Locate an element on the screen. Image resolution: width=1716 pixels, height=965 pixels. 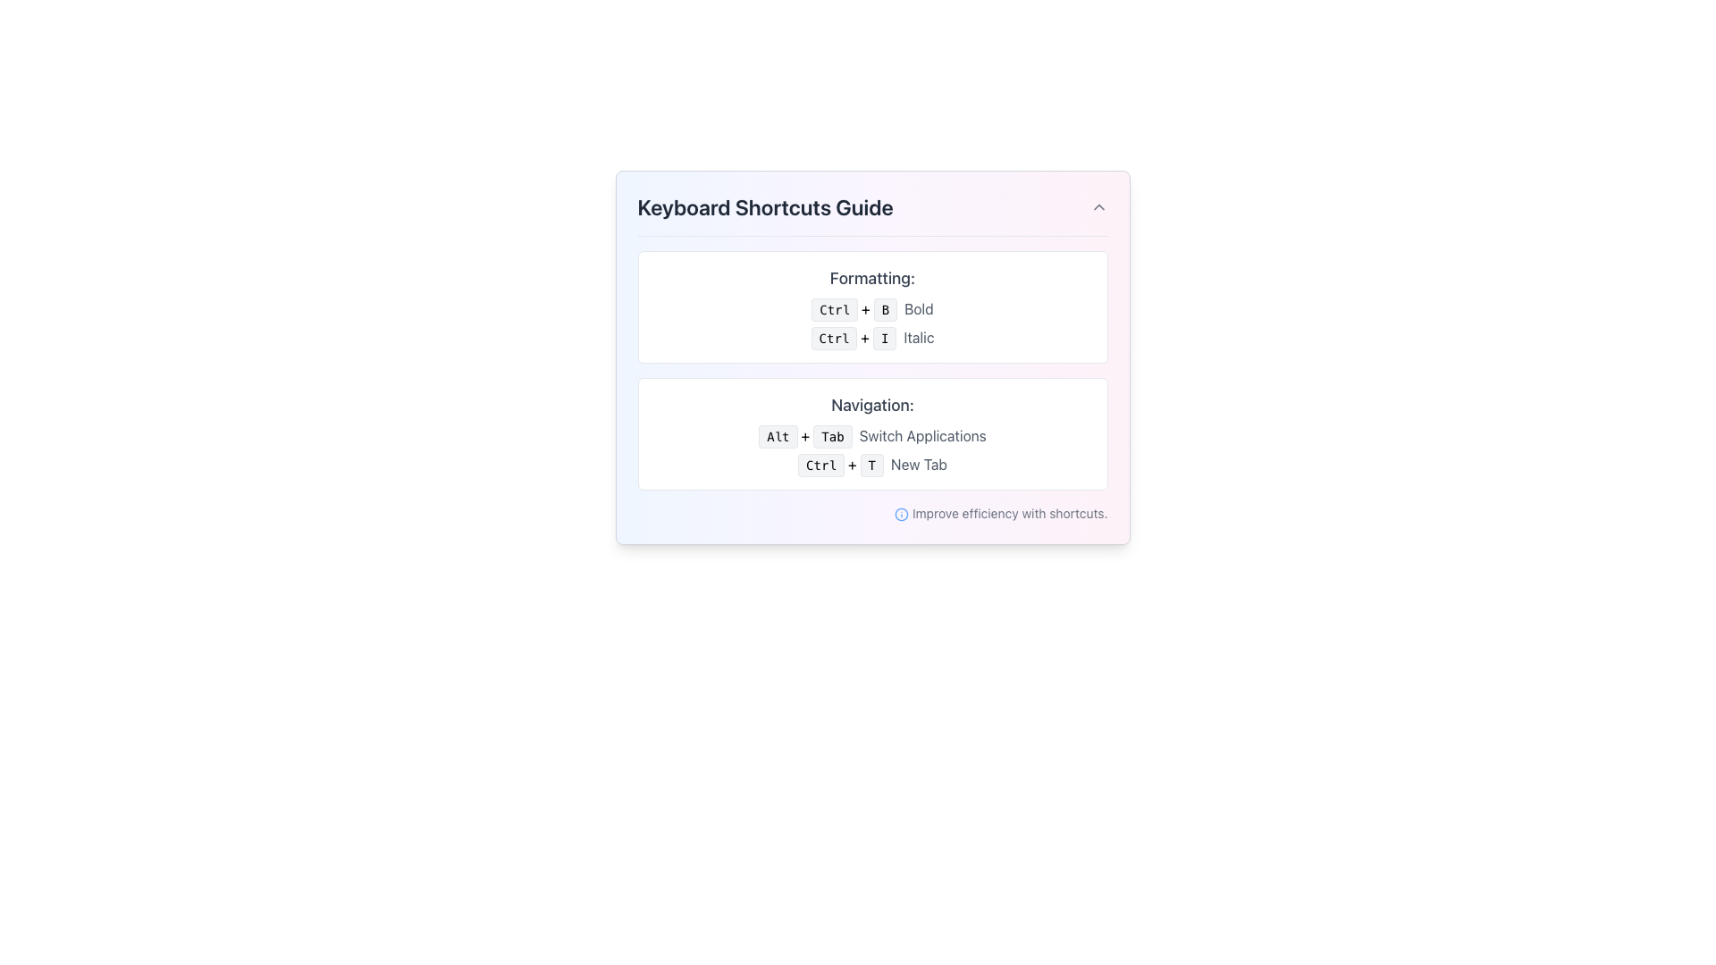
the static text component that describes the keyboard shortcut 'Ctrl + T' for opening a new tab, located in the 'Navigation' section of the 'Keyboard Shortcuts Guide' panel is located at coordinates (919, 464).